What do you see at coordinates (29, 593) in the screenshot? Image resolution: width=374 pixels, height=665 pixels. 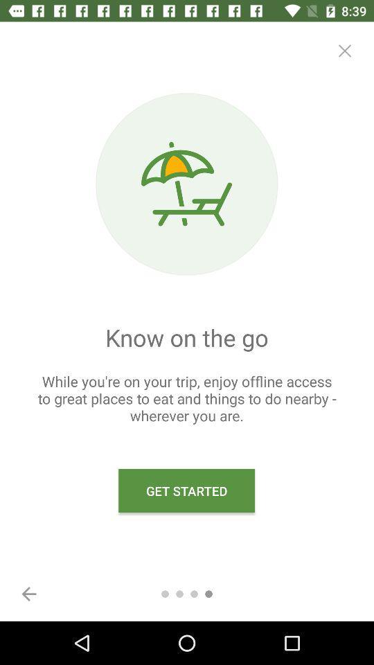 I see `the icon at the bottom left corner` at bounding box center [29, 593].